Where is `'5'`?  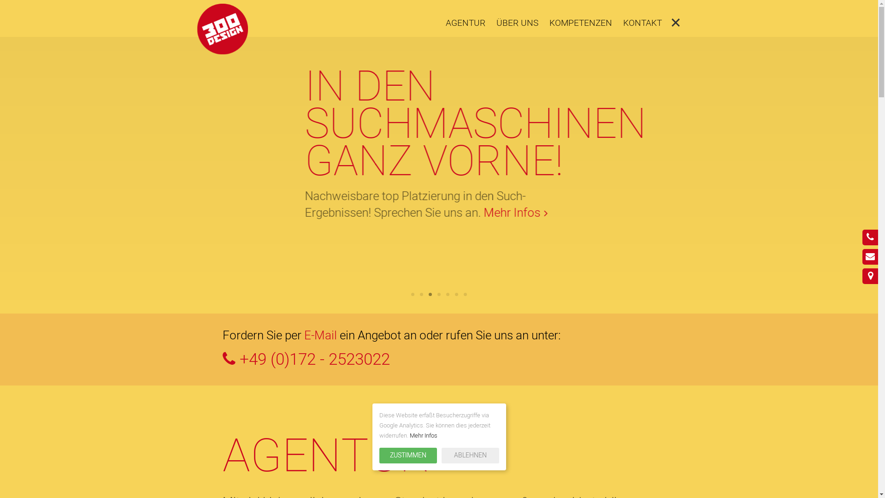
'5' is located at coordinates (448, 294).